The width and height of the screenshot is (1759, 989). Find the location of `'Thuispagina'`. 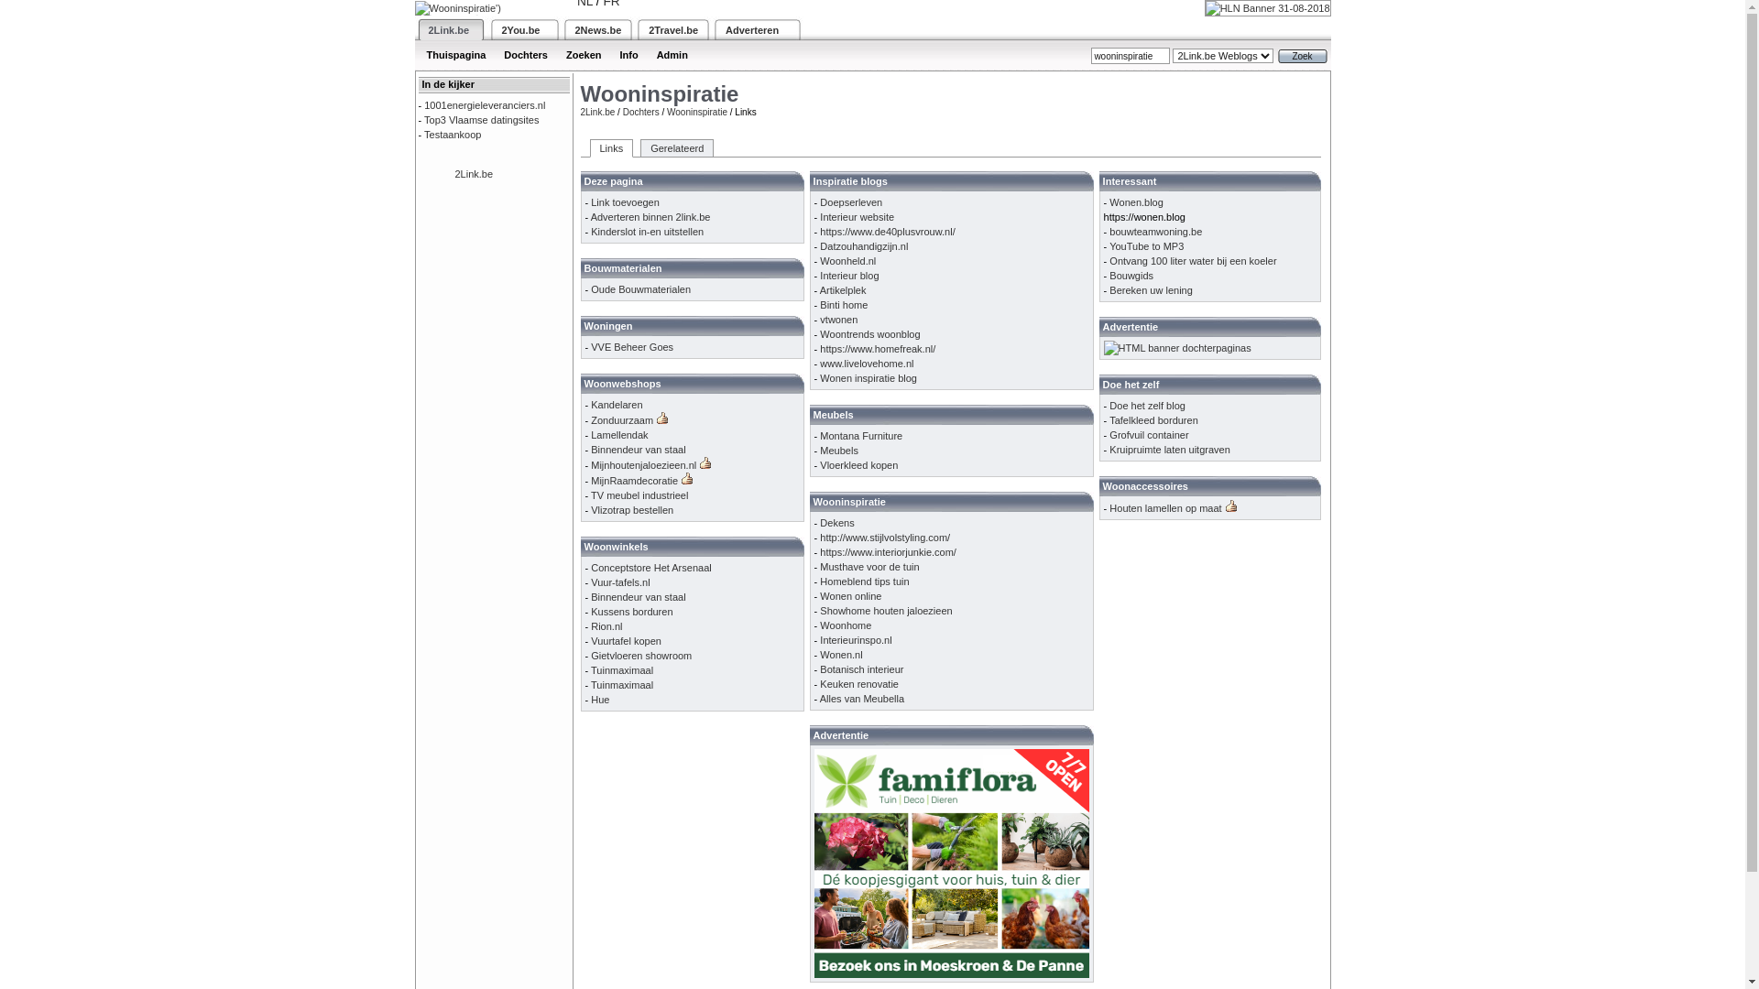

'Thuispagina' is located at coordinates (456, 54).